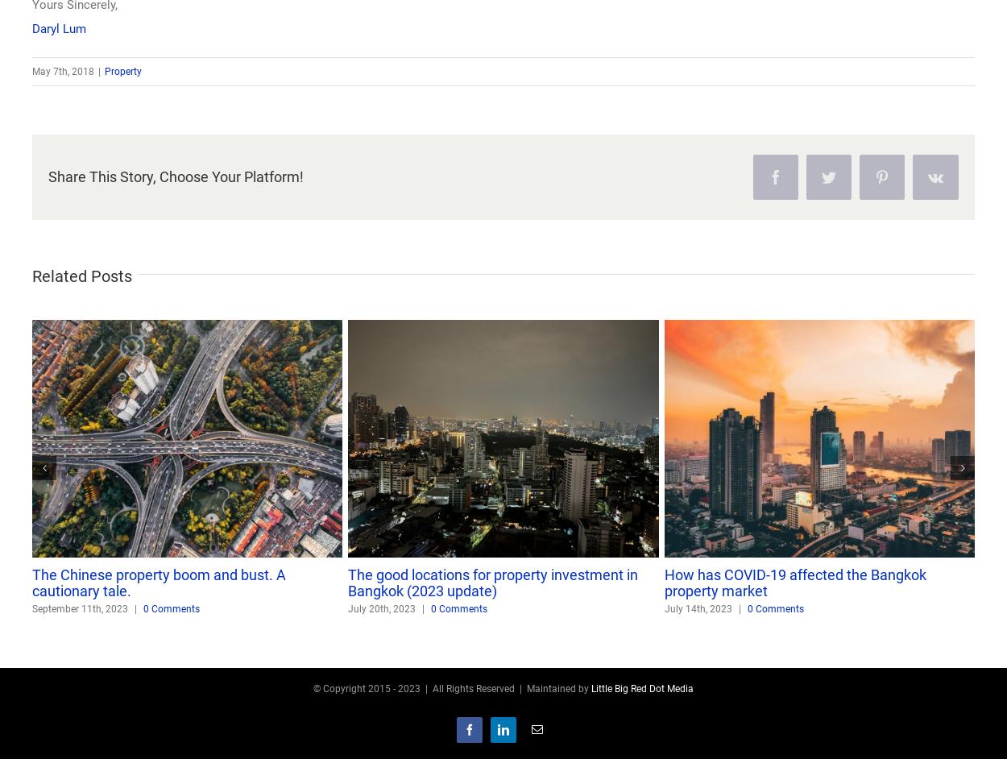  Describe the element at coordinates (697, 608) in the screenshot. I see `'July 14th, 2023'` at that location.